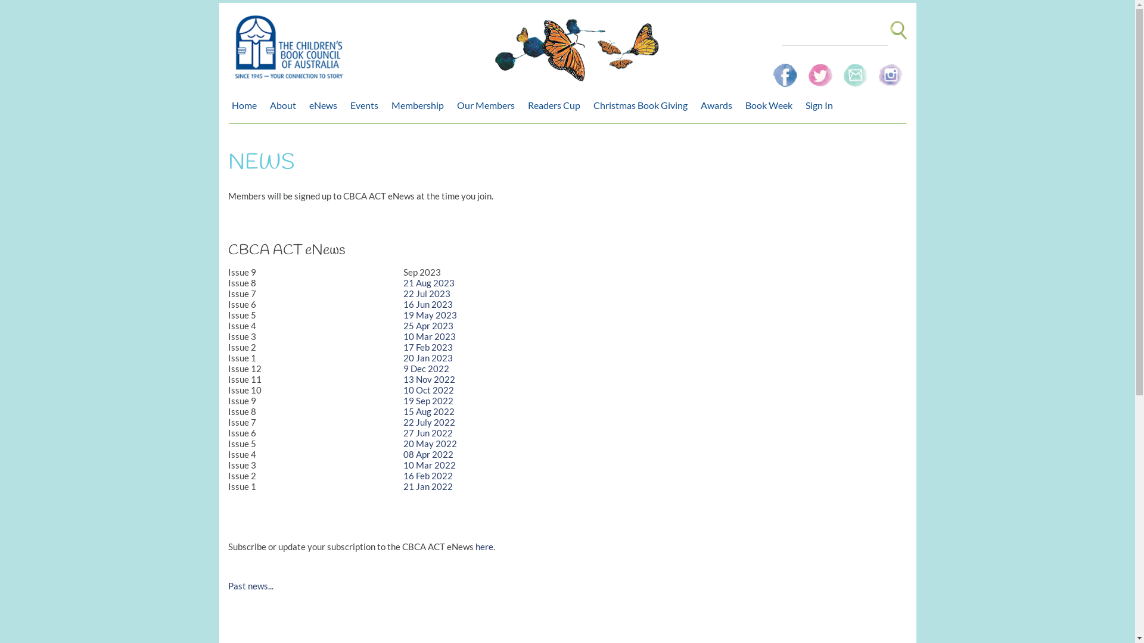  I want to click on '16 Jun 2023', so click(428, 303).